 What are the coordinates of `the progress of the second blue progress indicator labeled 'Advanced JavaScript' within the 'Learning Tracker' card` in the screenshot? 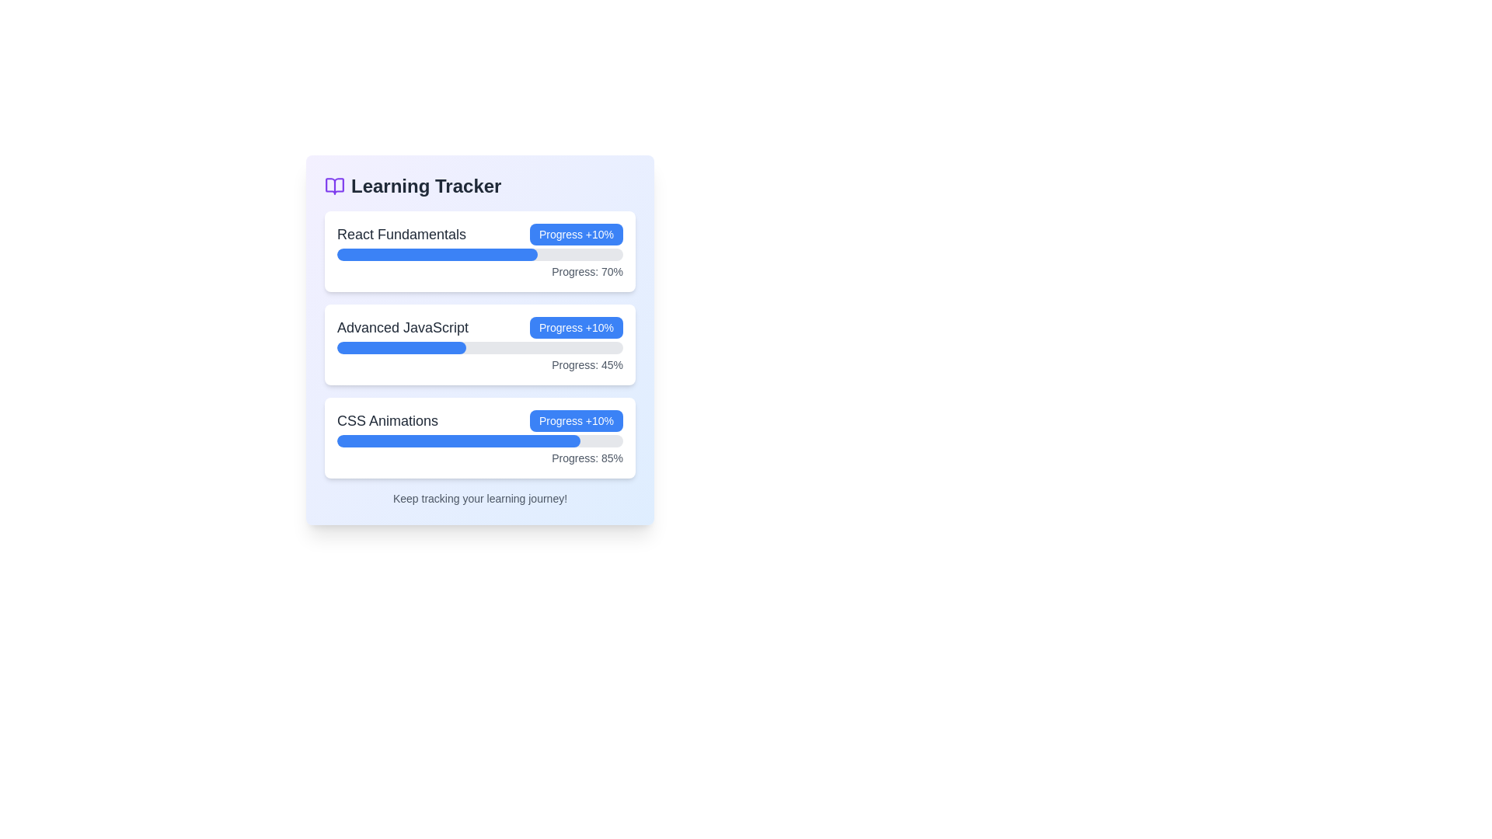 It's located at (401, 346).